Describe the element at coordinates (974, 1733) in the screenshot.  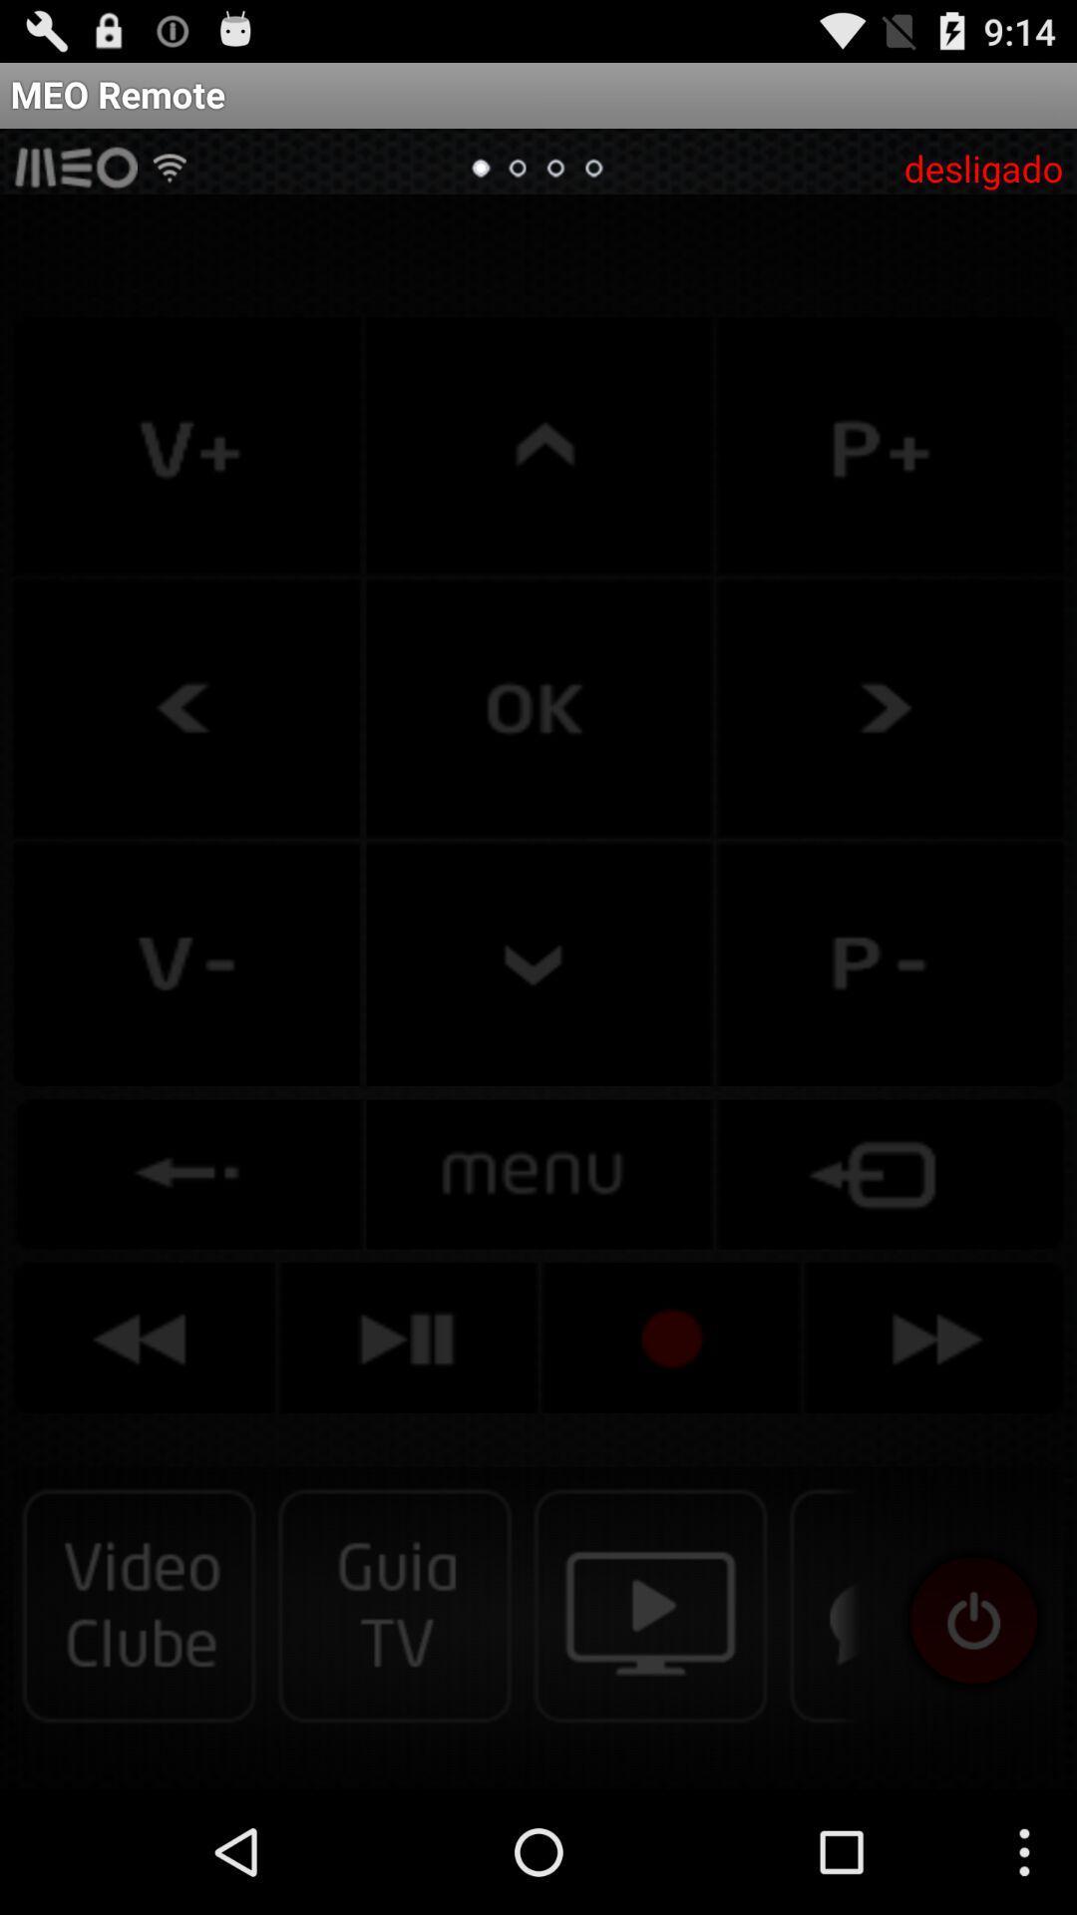
I see `the visibility icon` at that location.